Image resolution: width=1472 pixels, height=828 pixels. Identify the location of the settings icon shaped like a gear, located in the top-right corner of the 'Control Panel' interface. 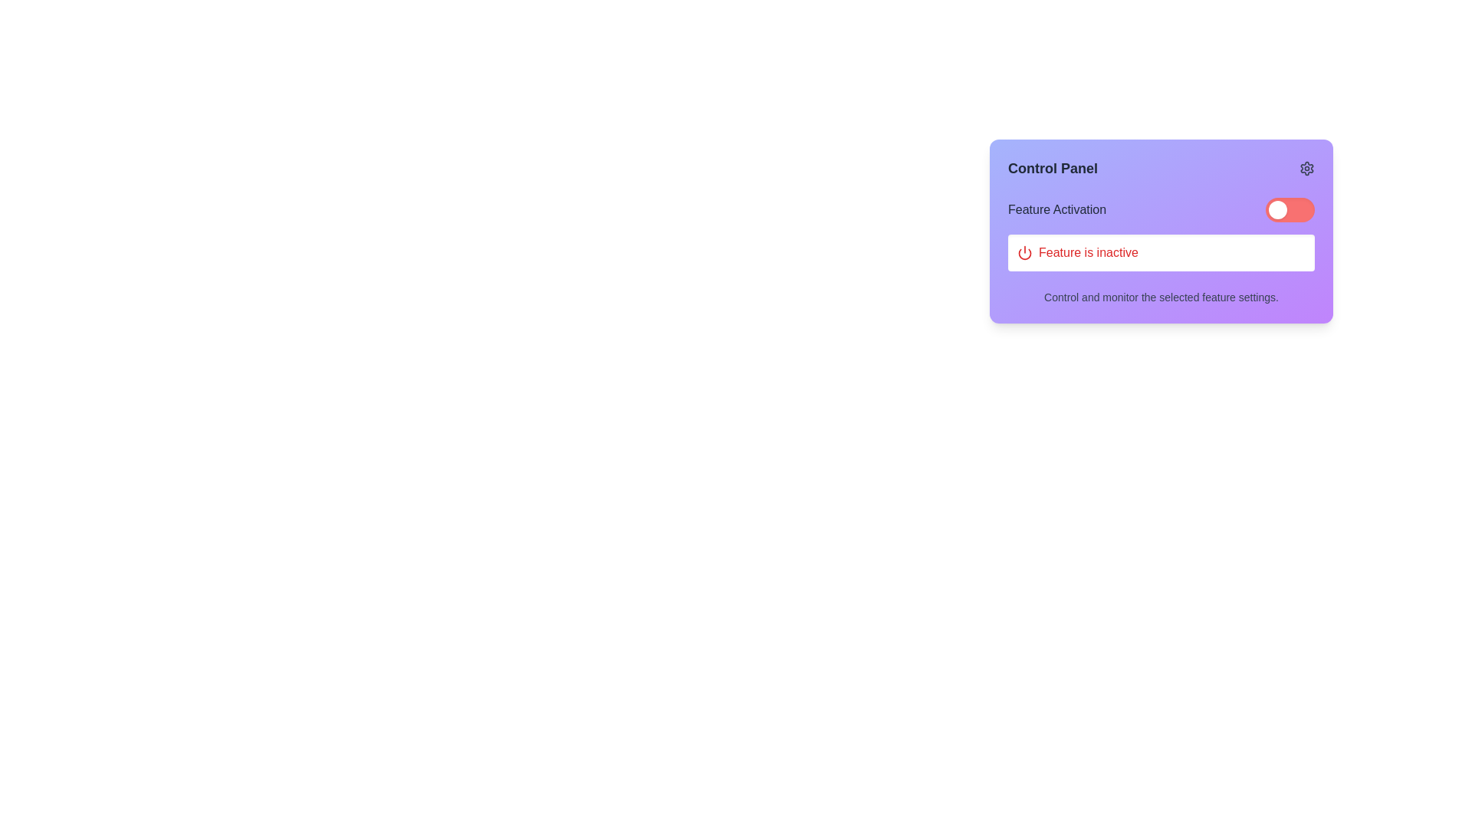
(1306, 168).